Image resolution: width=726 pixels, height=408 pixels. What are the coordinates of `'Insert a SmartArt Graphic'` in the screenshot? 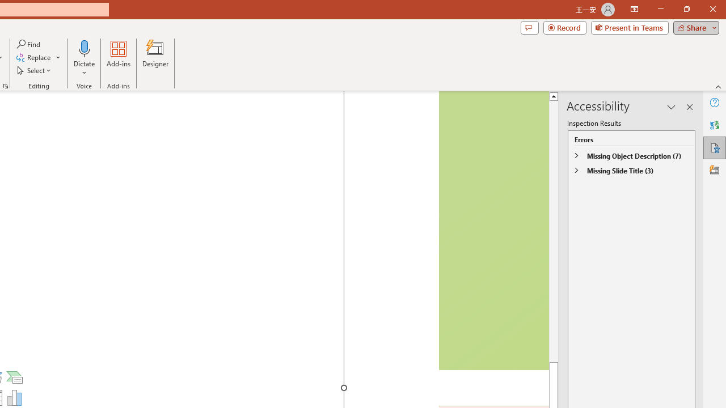 It's located at (15, 377).